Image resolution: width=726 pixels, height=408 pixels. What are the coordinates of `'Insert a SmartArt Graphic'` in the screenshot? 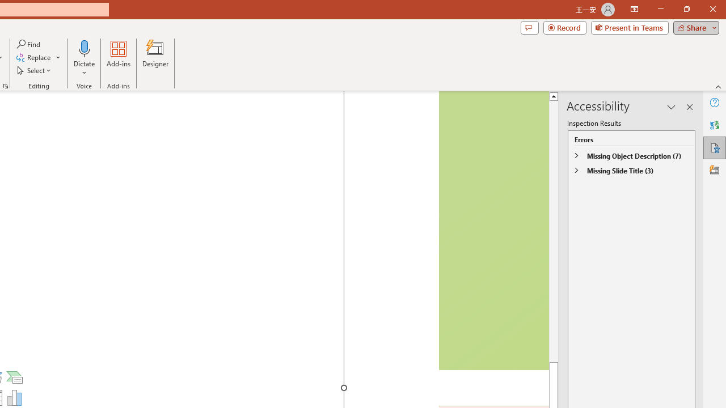 It's located at (15, 377).